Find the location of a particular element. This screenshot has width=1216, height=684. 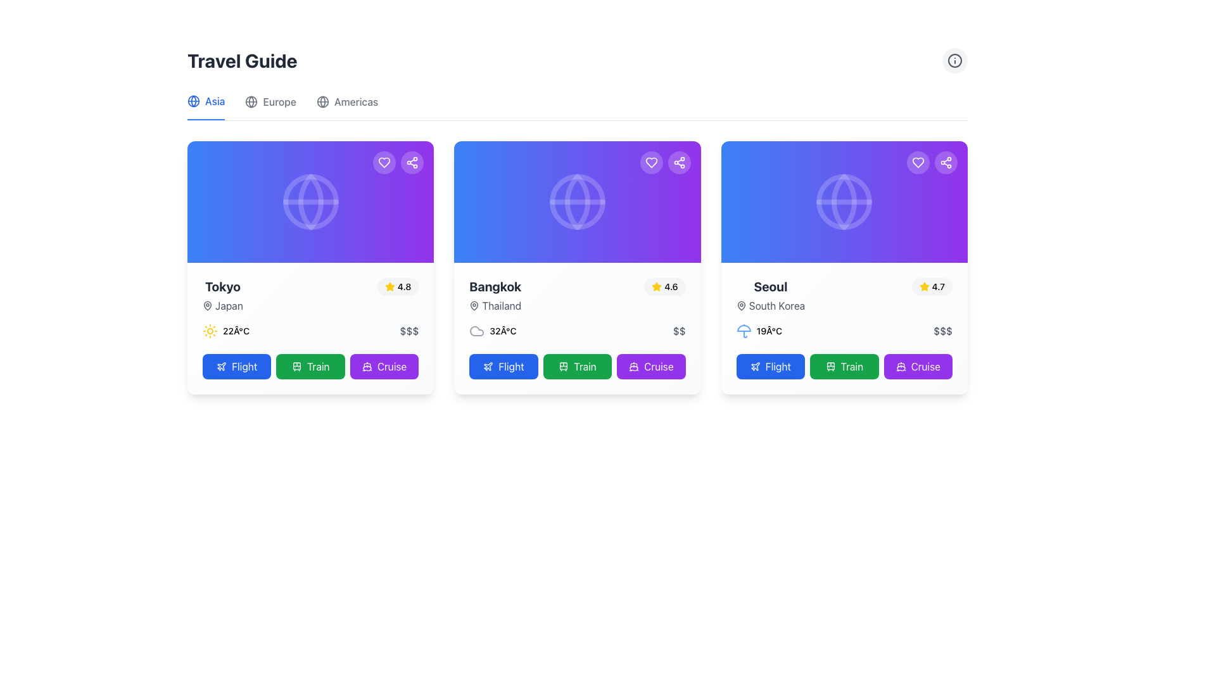

the green 'Train' button with white text and an icon is located at coordinates (844, 366).